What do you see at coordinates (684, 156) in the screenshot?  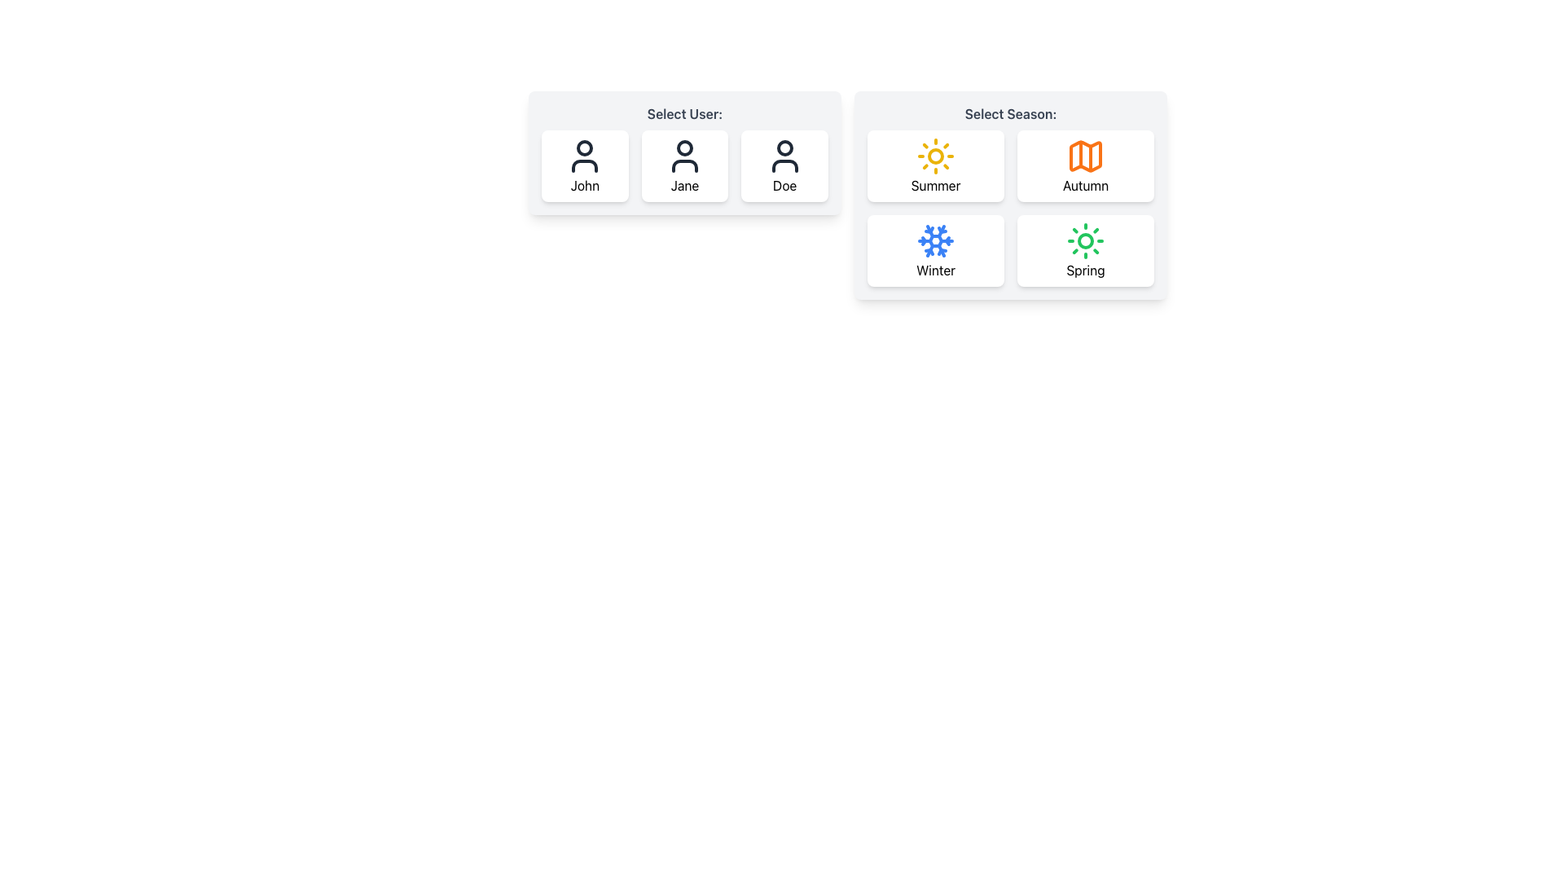 I see `the user identification icon representing 'Jane', which is centrally located above the 'Jane' label in the 'Select User' section` at bounding box center [684, 156].